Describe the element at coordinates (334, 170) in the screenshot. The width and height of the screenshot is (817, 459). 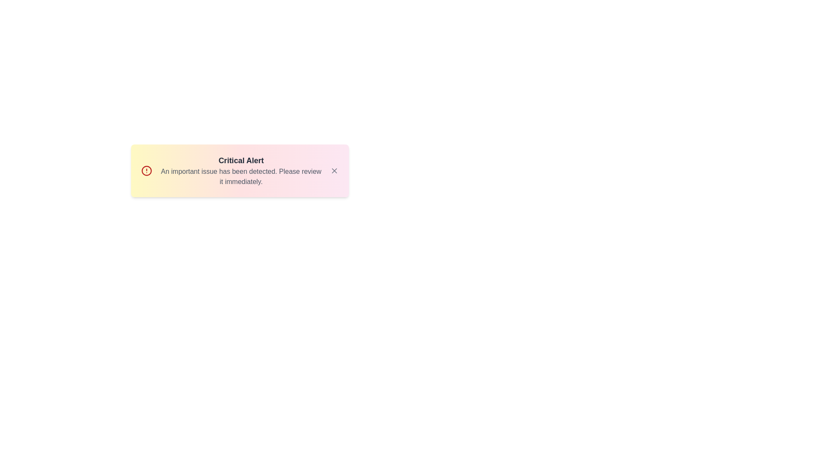
I see `the close icon ('X') located at the top-right of the 'Critical Alert' notification banner` at that location.